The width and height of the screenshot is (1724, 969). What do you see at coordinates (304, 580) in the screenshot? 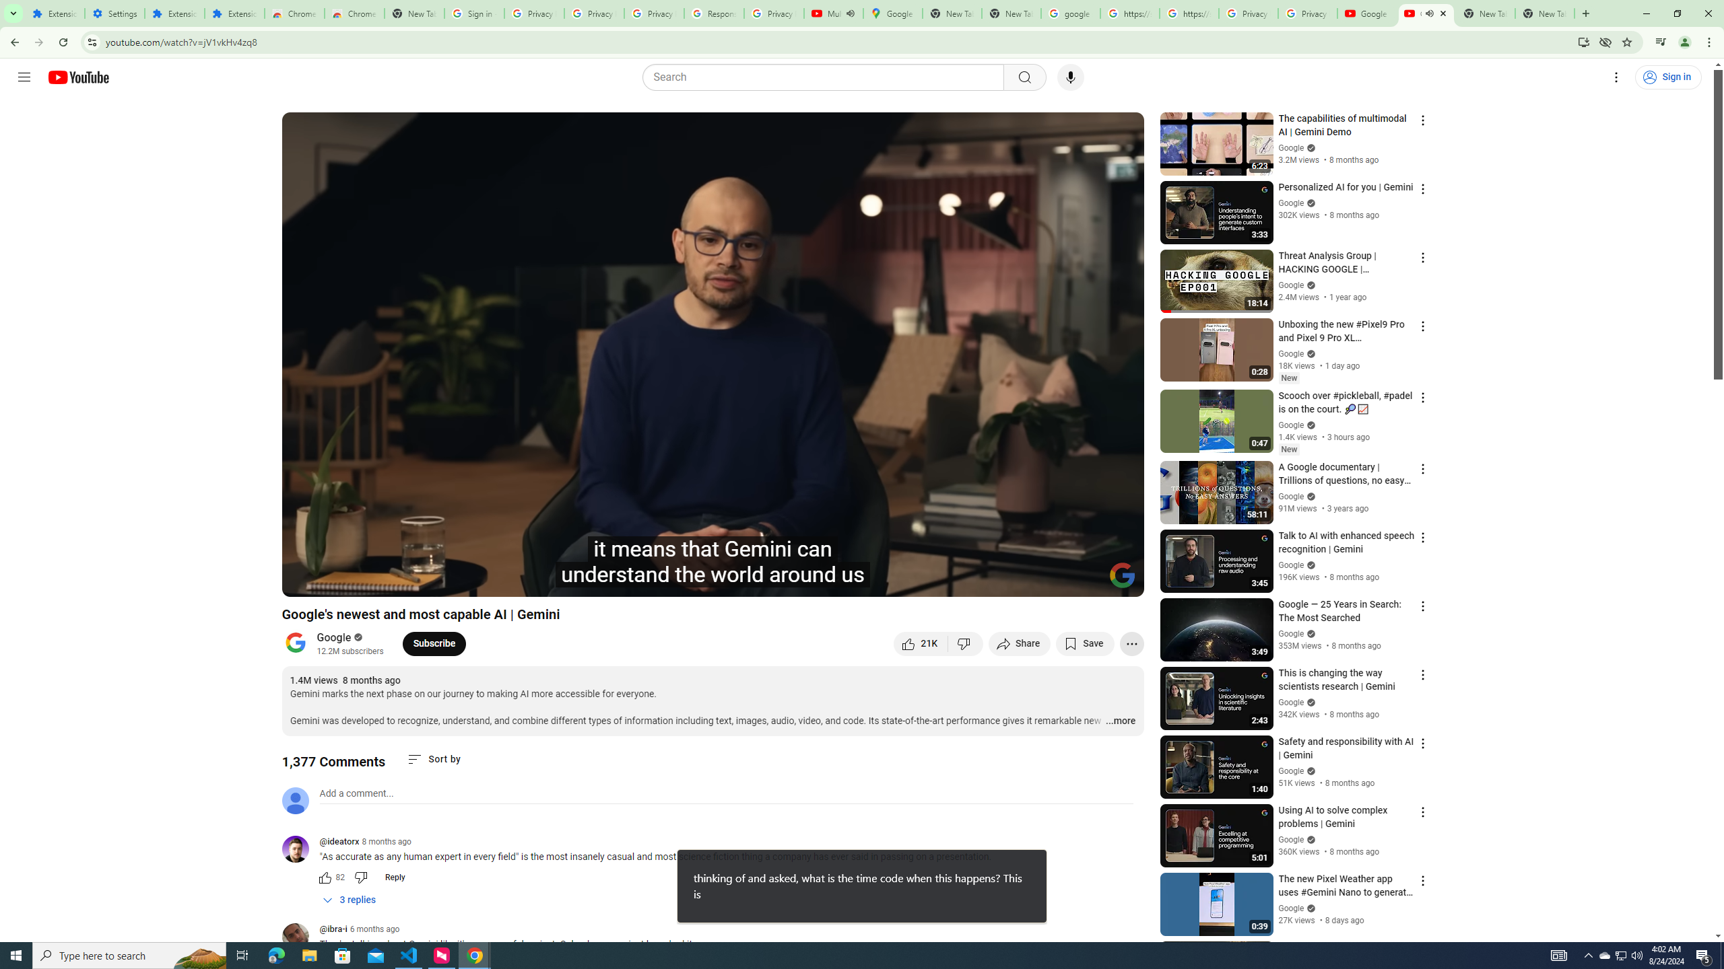
I see `'Play (k)'` at bounding box center [304, 580].